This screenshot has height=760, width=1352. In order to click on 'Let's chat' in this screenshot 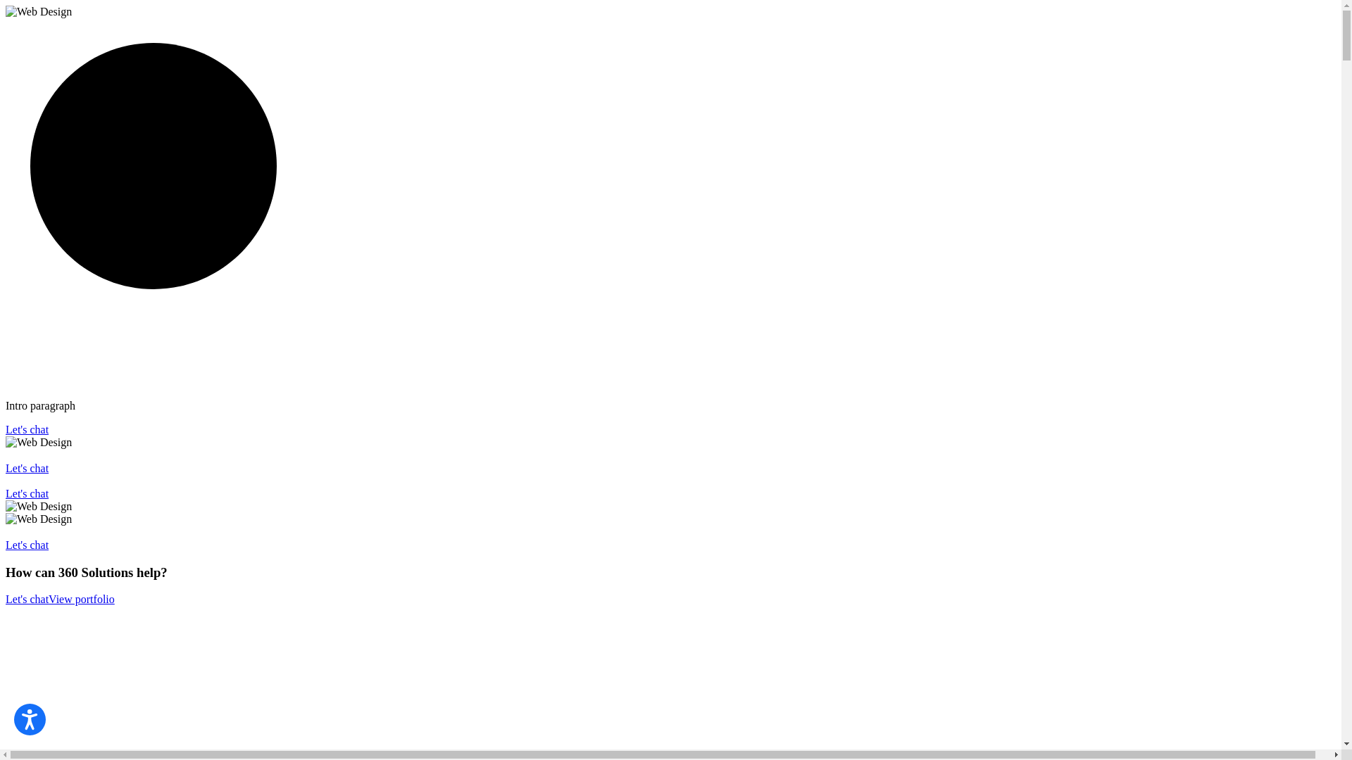, I will do `click(27, 429)`.